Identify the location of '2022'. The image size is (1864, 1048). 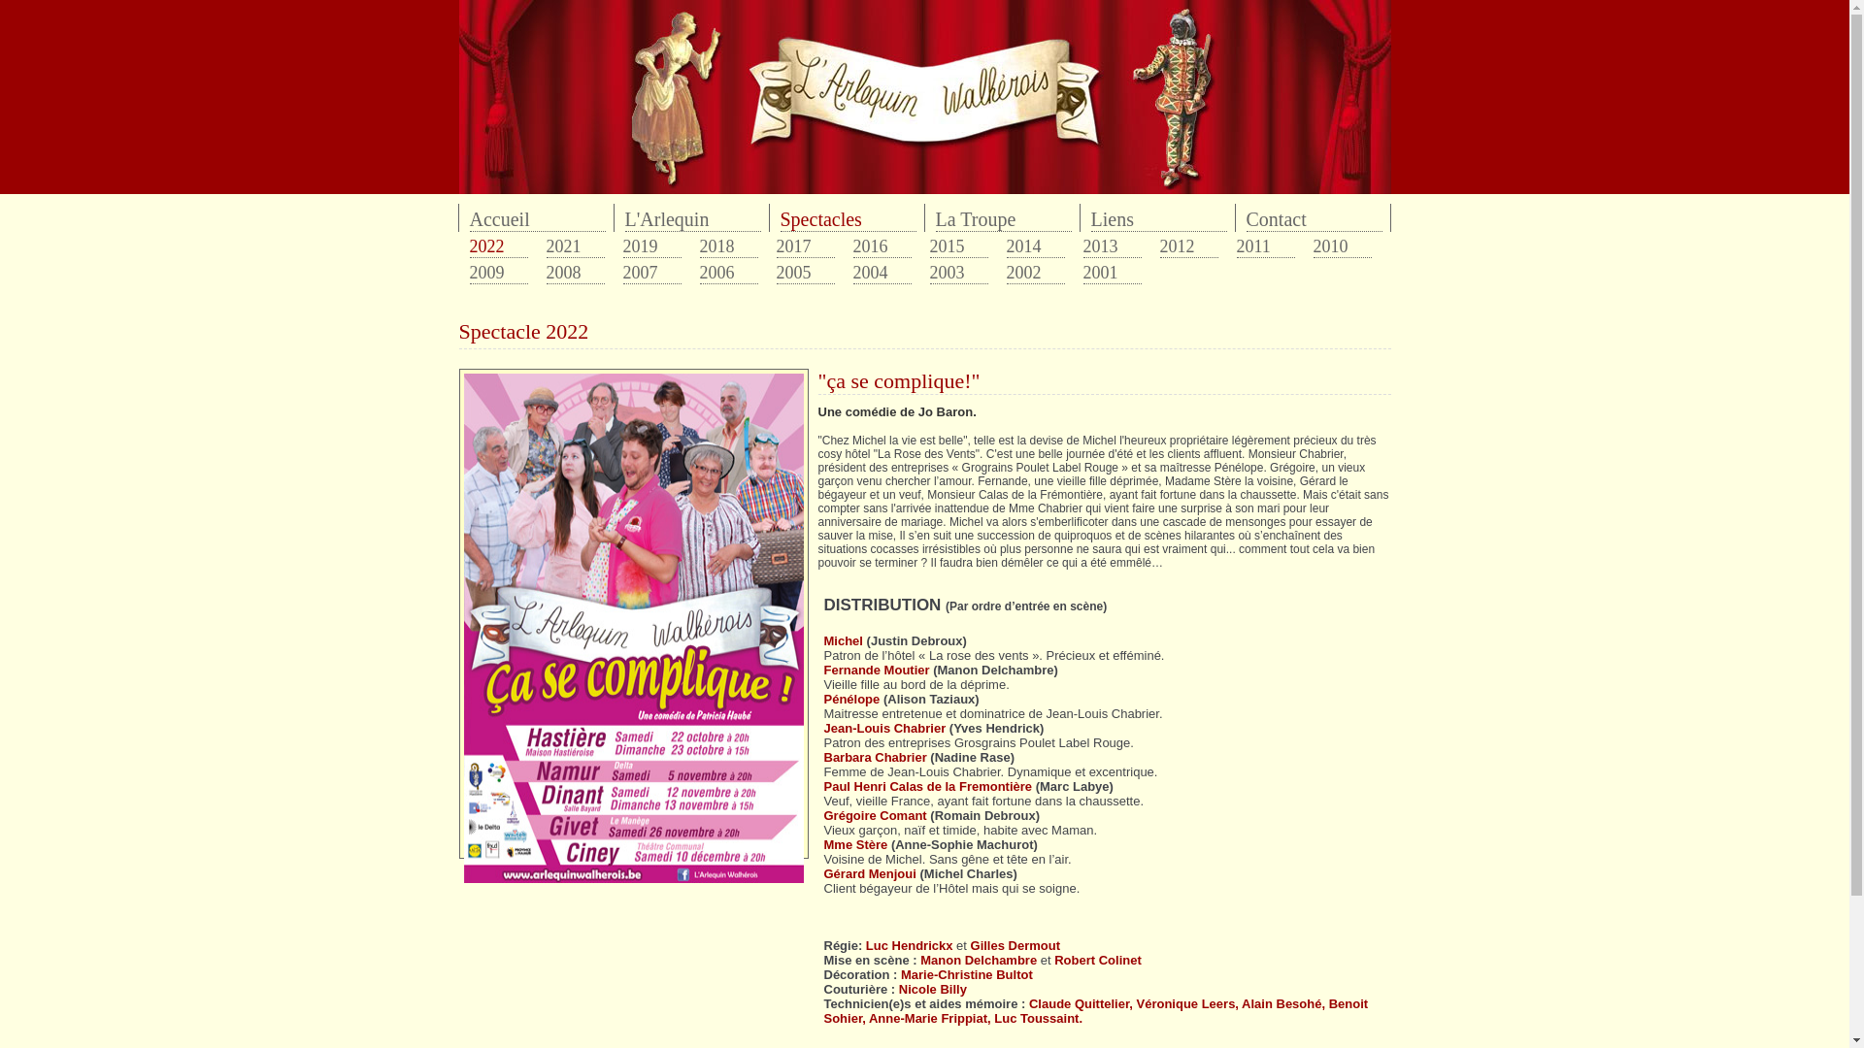
(498, 246).